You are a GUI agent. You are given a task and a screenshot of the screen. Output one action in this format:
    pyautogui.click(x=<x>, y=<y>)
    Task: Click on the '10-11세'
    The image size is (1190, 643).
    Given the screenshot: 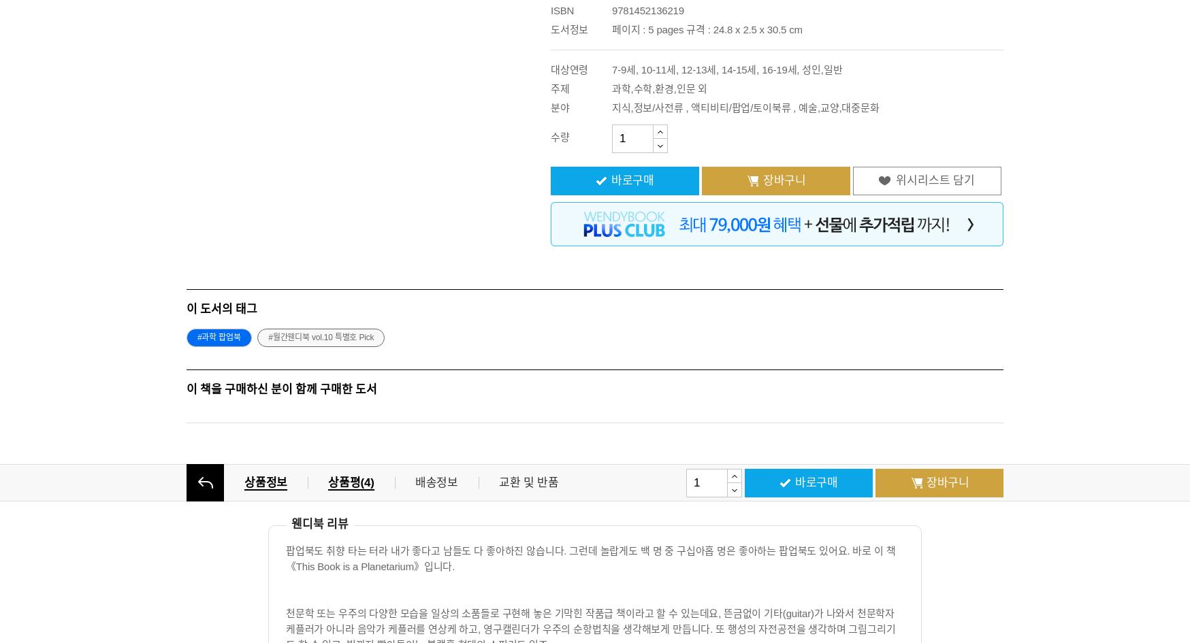 What is the action you would take?
    pyautogui.click(x=658, y=69)
    